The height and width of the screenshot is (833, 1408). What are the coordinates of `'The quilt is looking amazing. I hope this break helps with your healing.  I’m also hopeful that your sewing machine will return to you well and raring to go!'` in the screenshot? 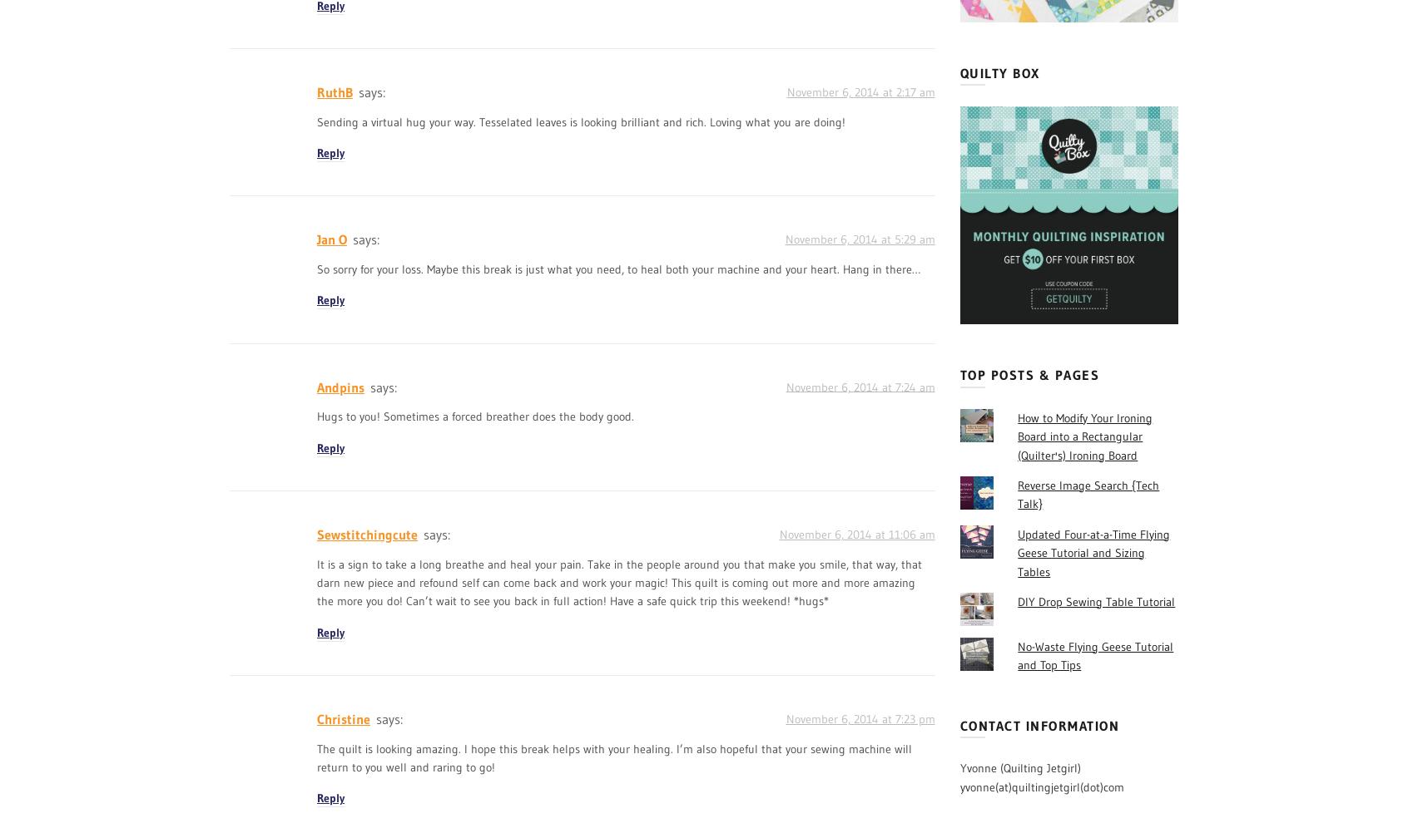 It's located at (613, 757).